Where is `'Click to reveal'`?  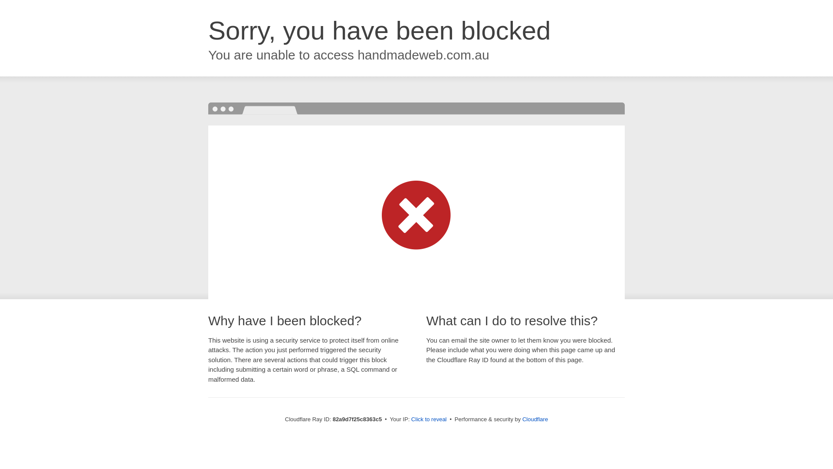 'Click to reveal' is located at coordinates (429, 419).